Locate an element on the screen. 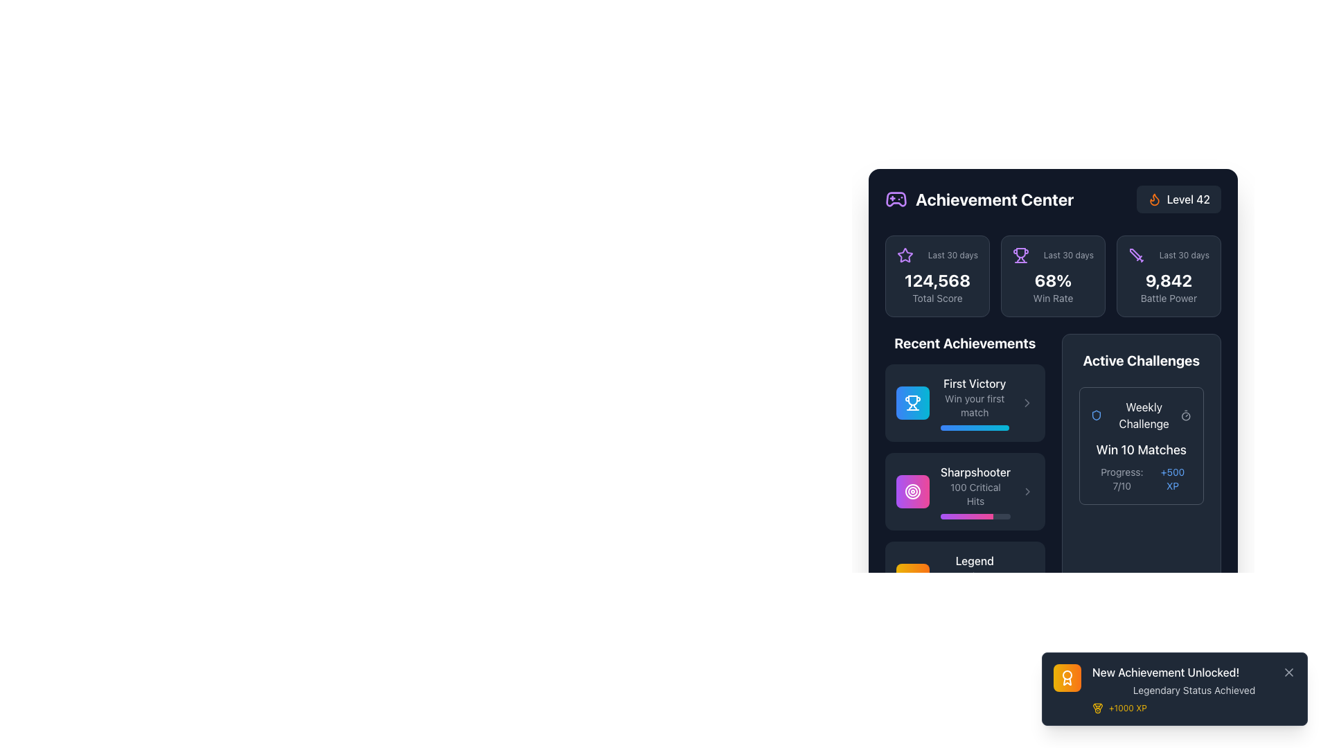 The height and width of the screenshot is (748, 1330). the decorative vector graphic component of the achievement badge icon, which is located near the lower portion of the badge is located at coordinates (1066, 681).